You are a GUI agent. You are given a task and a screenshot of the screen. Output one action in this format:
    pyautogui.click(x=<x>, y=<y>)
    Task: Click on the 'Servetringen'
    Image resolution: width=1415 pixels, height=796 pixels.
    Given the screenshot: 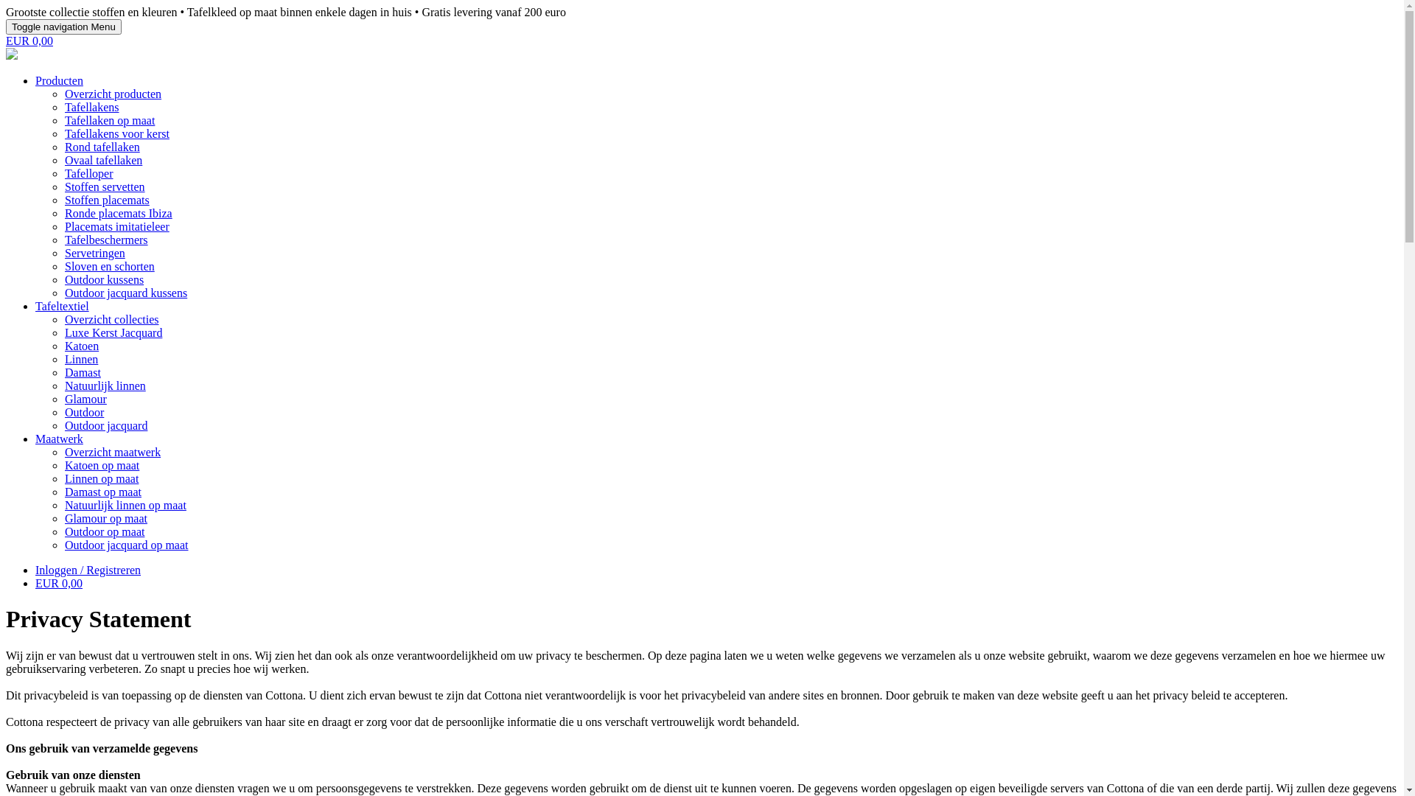 What is the action you would take?
    pyautogui.click(x=63, y=252)
    